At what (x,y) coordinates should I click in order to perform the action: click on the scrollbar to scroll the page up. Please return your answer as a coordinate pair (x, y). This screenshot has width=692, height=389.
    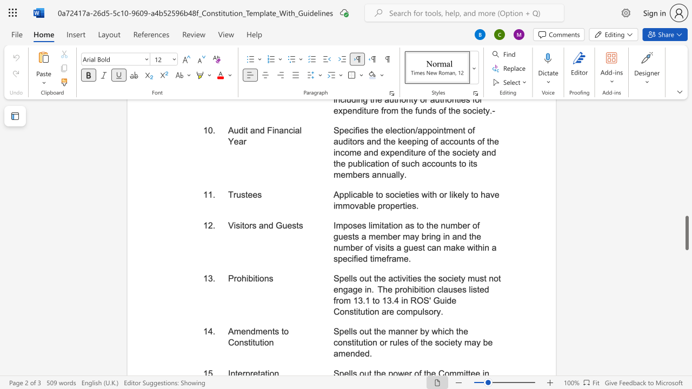
    Looking at the image, I should click on (686, 134).